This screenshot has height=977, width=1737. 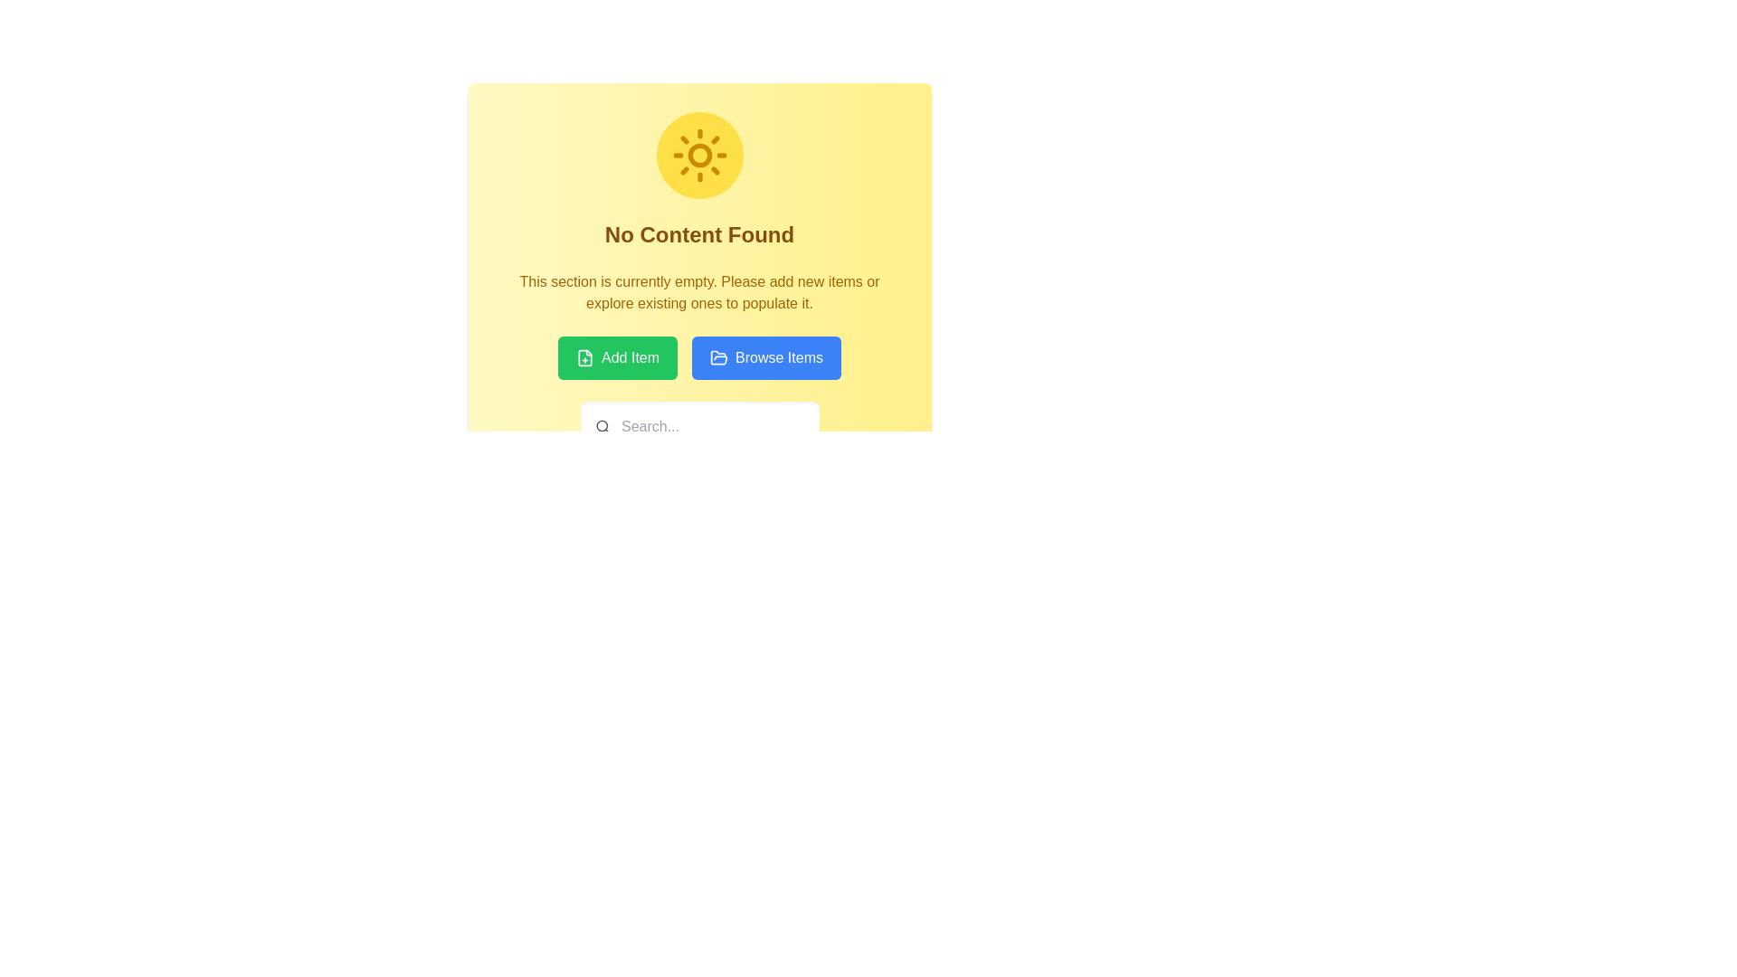 What do you see at coordinates (698, 292) in the screenshot?
I see `the centered text block with brownish-yellow text color located beneath the 'No Content Found' header and above the 'Add Item' and 'Browse Items' buttons` at bounding box center [698, 292].